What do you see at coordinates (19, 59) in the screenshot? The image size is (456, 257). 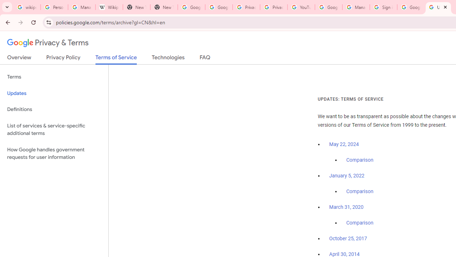 I see `'Overview'` at bounding box center [19, 59].